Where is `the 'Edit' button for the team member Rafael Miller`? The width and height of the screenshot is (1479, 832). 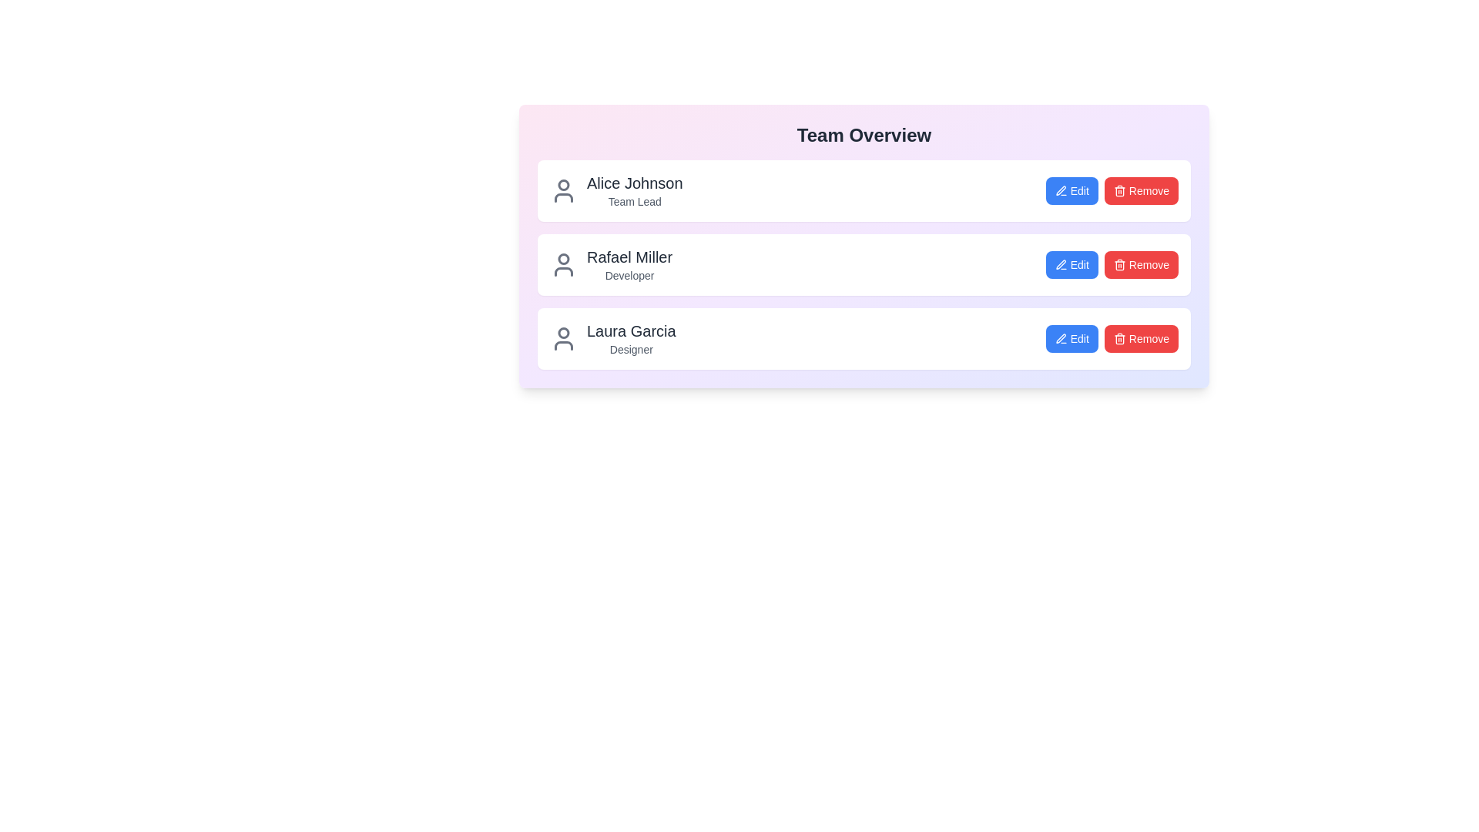 the 'Edit' button for the team member Rafael Miller is located at coordinates (1071, 263).